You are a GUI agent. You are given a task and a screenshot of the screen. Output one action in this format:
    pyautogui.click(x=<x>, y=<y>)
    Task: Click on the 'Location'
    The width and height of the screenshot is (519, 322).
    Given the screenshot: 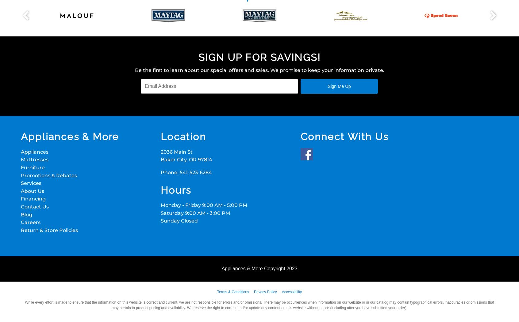 What is the action you would take?
    pyautogui.click(x=183, y=137)
    